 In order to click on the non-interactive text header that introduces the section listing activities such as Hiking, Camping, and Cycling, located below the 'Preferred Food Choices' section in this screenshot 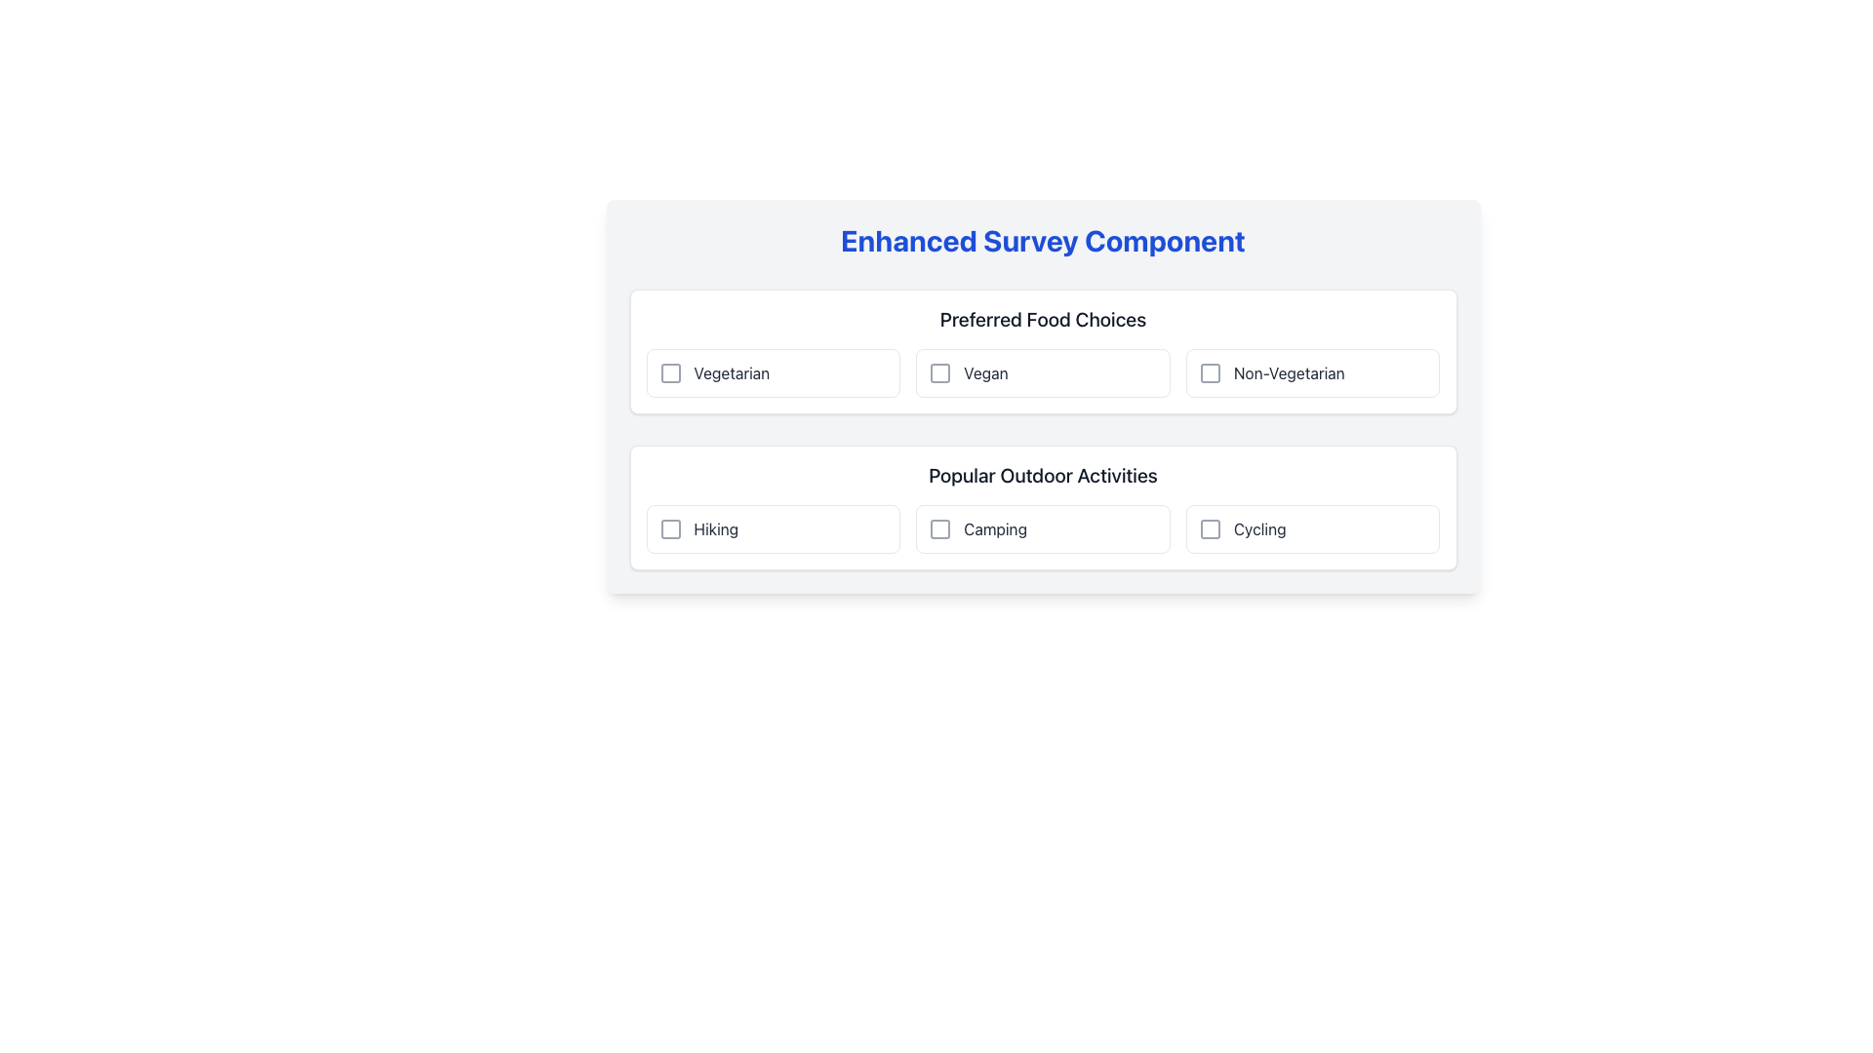, I will do `click(1042, 476)`.